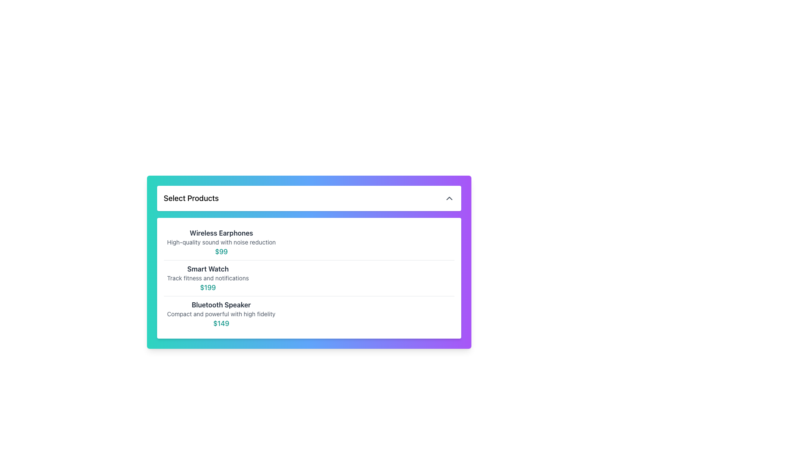 The height and width of the screenshot is (456, 811). What do you see at coordinates (221, 314) in the screenshot?
I see `information displayed in the third informational panel about the product located under the 'Smart Watch' description in the product selection dropdown` at bounding box center [221, 314].